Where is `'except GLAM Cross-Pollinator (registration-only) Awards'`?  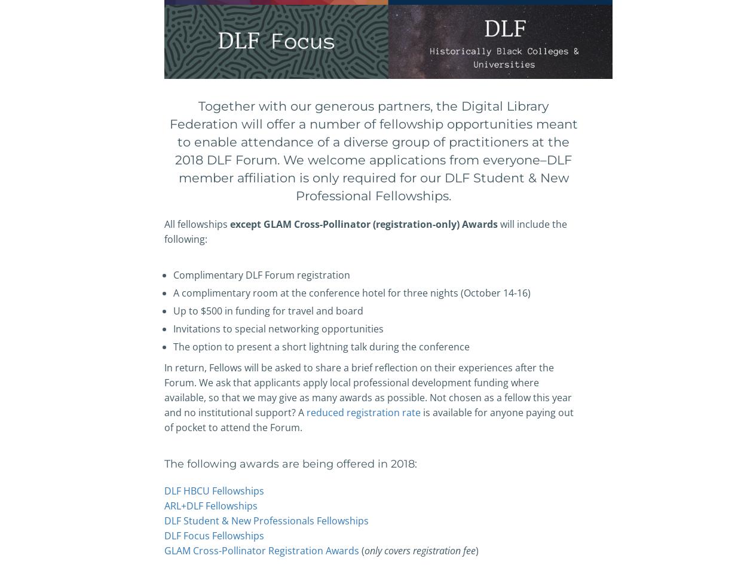
'except GLAM Cross-Pollinator (registration-only) Awards' is located at coordinates (363, 223).